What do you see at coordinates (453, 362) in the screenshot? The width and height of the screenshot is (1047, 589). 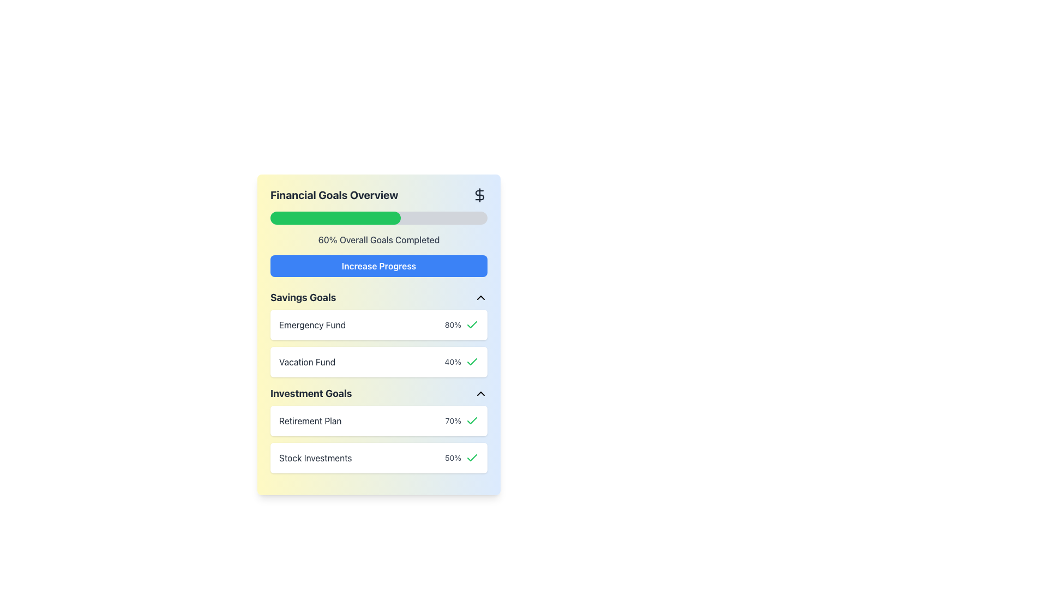 I see `the Text Label displaying '40%' in a gray font, associated with the 'Vacation Fund' under the 'Savings Goals' section` at bounding box center [453, 362].